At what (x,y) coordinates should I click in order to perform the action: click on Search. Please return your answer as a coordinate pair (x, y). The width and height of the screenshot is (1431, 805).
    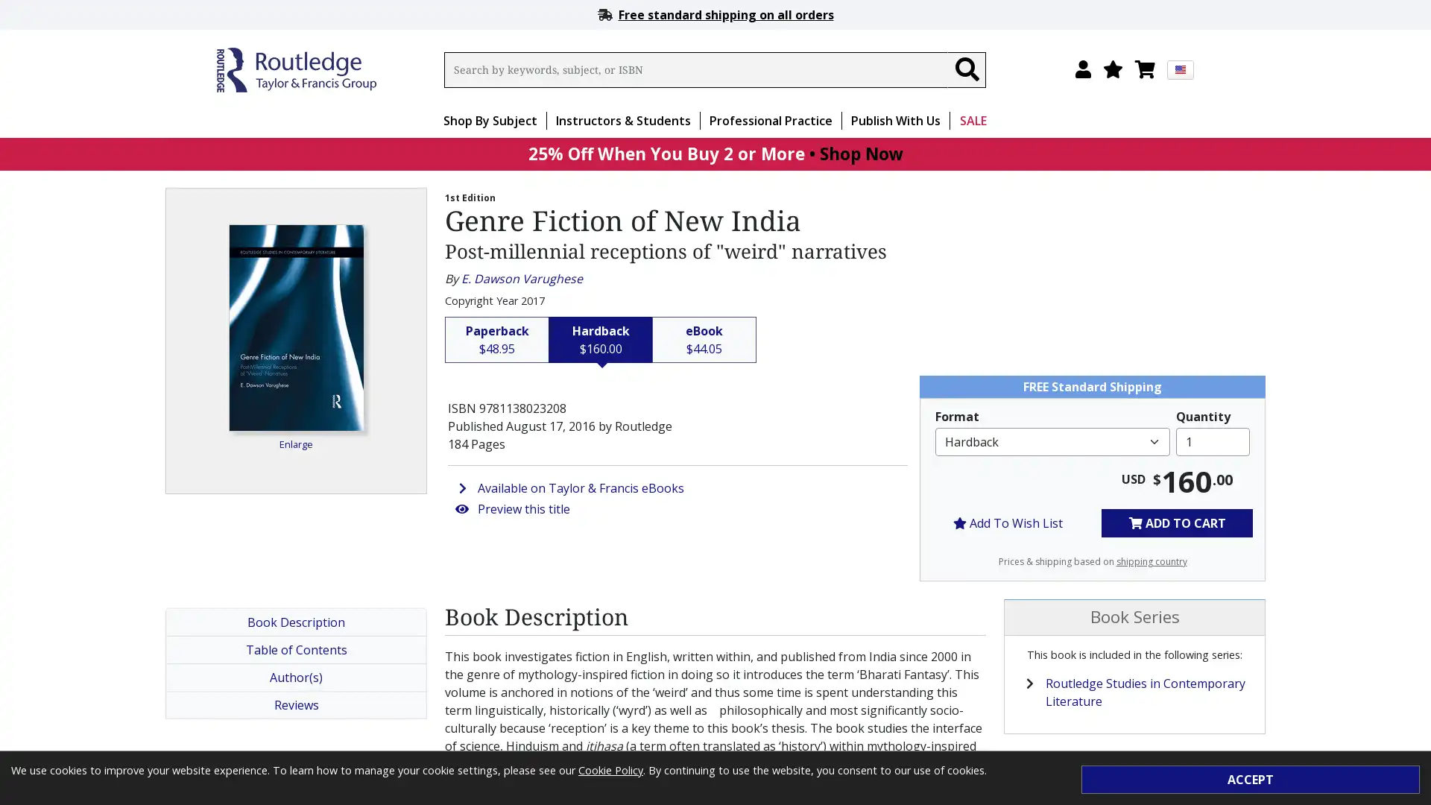
    Looking at the image, I should click on (966, 69).